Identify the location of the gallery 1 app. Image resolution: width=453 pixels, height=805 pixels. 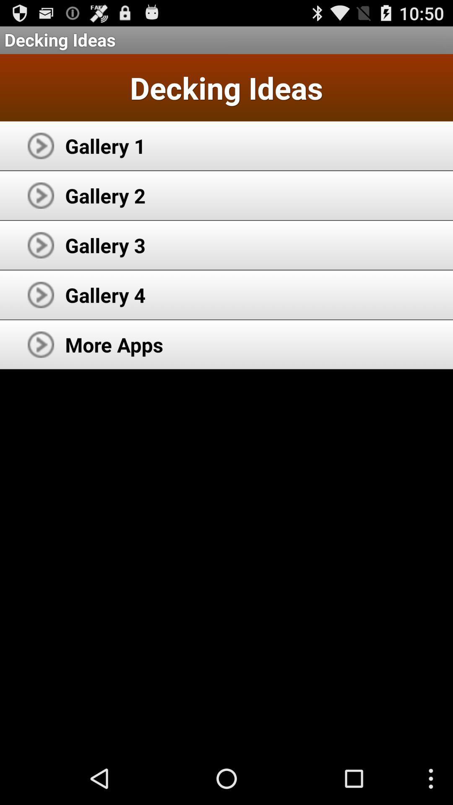
(105, 145).